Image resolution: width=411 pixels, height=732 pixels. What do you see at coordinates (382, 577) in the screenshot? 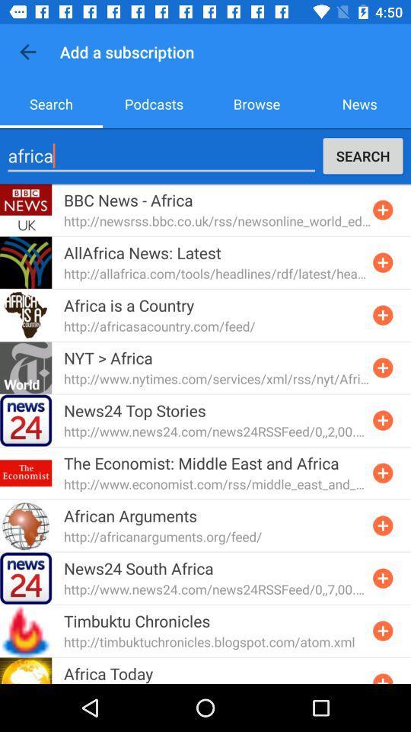
I see `subscription` at bounding box center [382, 577].